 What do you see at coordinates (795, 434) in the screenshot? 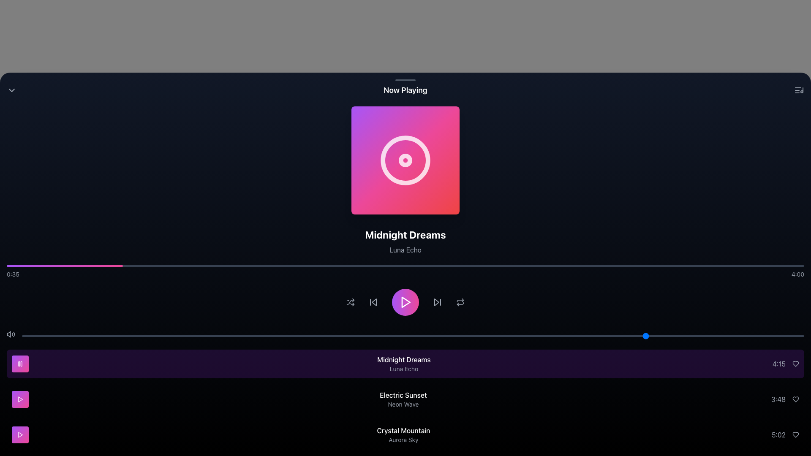
I see `the interactive heart-shaped icon at the end of the song list` at bounding box center [795, 434].